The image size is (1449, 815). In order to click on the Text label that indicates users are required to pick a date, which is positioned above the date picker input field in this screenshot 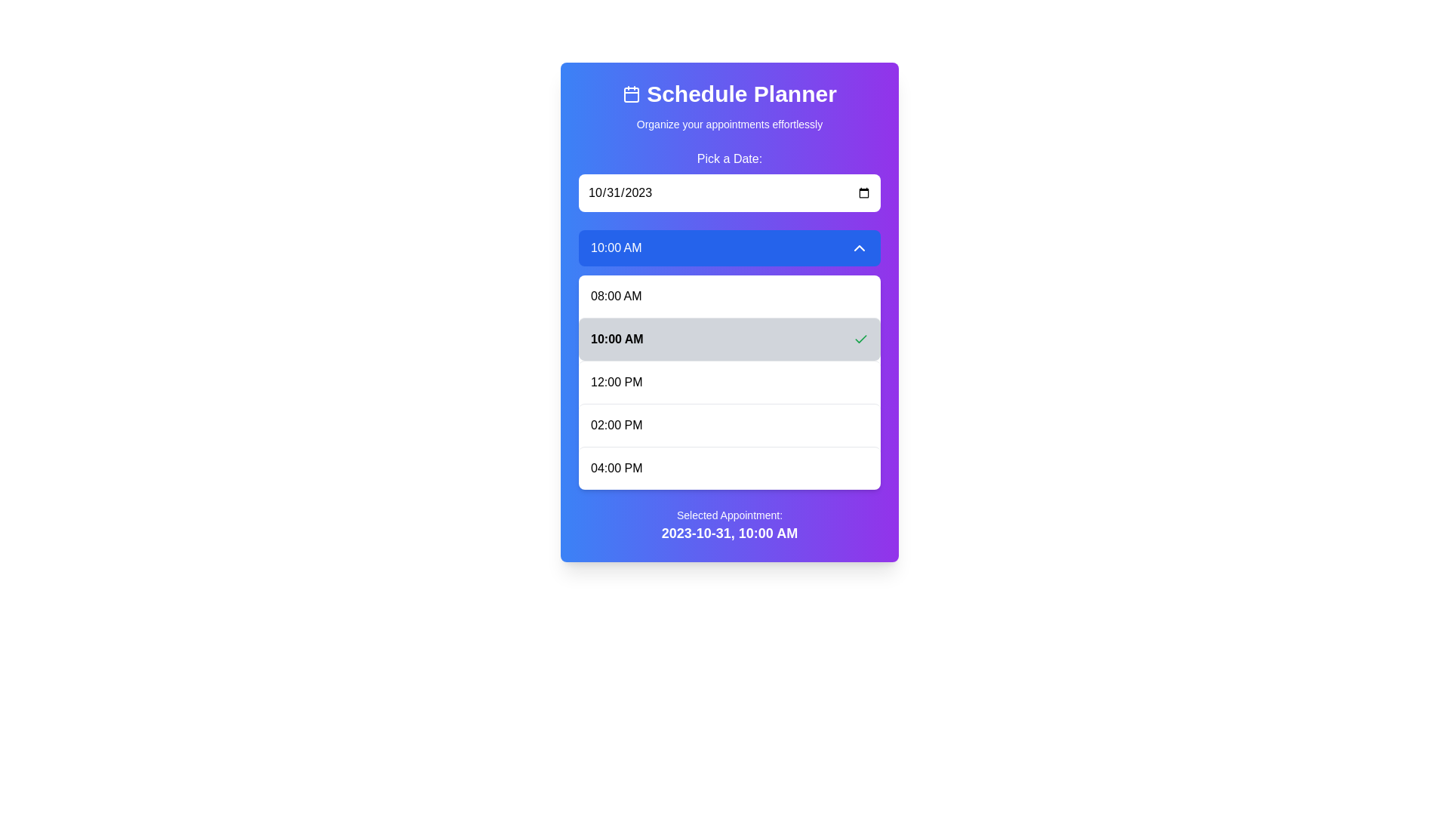, I will do `click(729, 159)`.